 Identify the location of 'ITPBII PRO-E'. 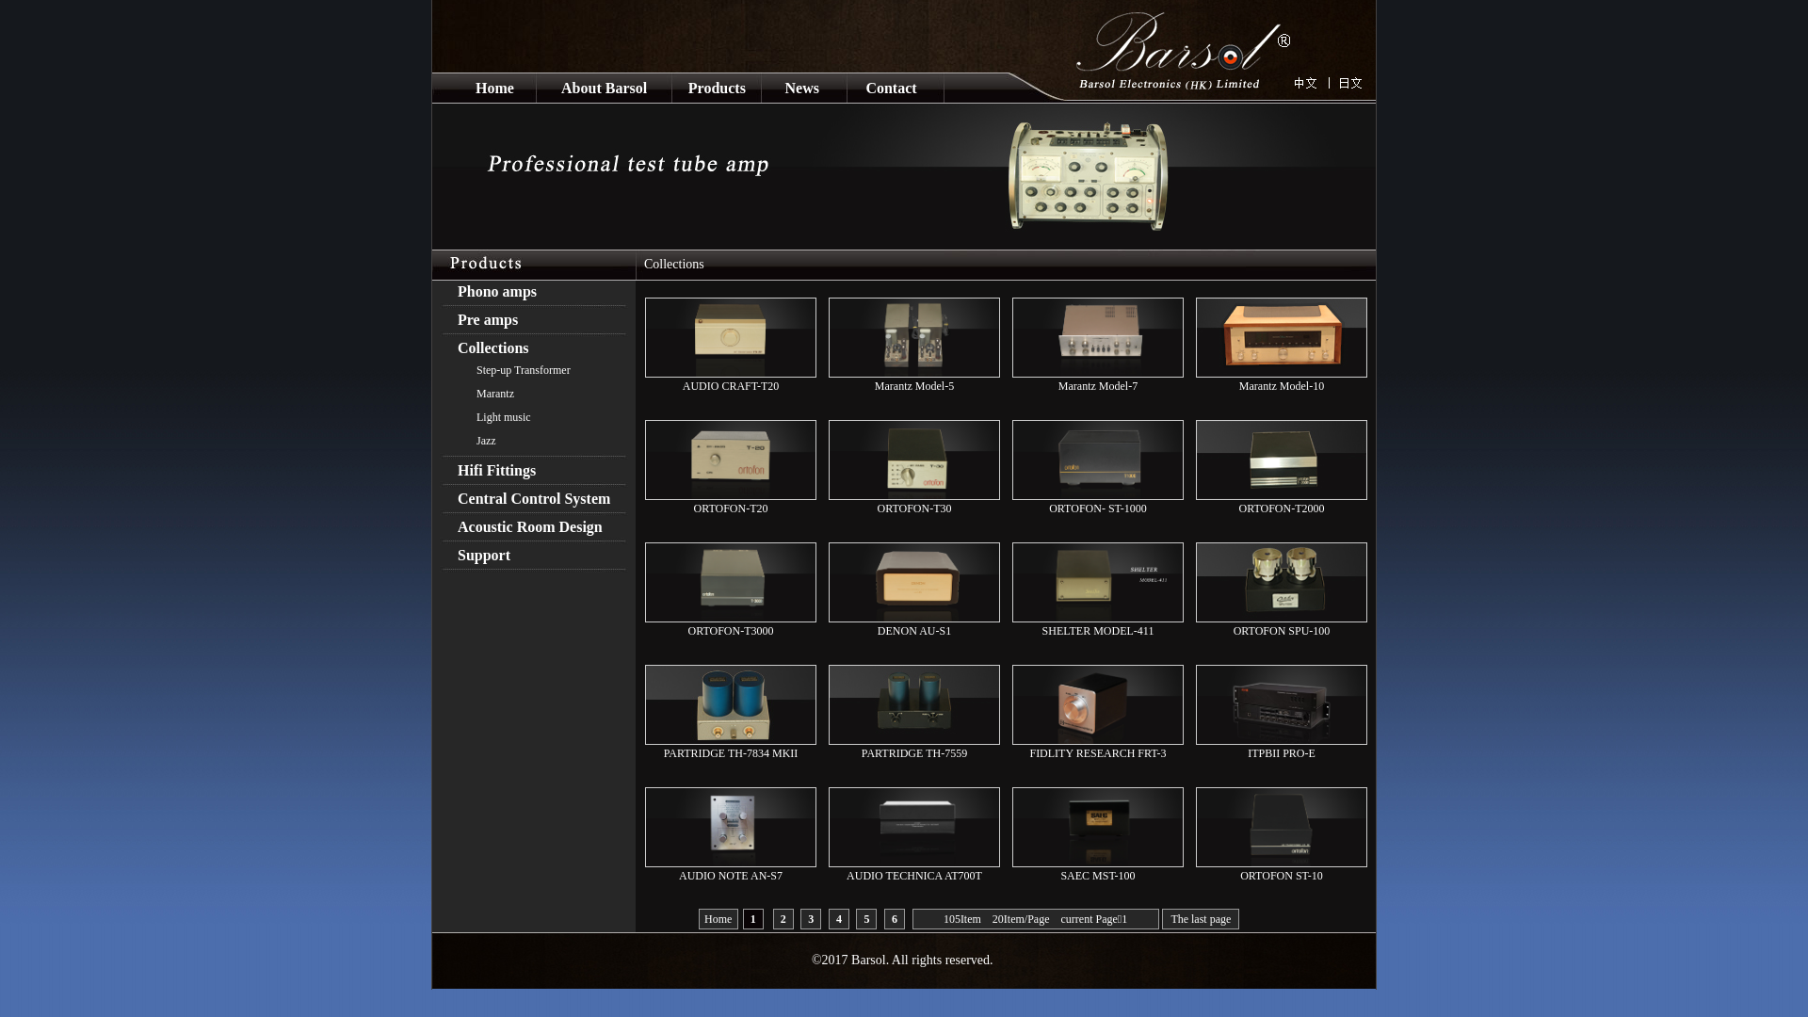
(1281, 751).